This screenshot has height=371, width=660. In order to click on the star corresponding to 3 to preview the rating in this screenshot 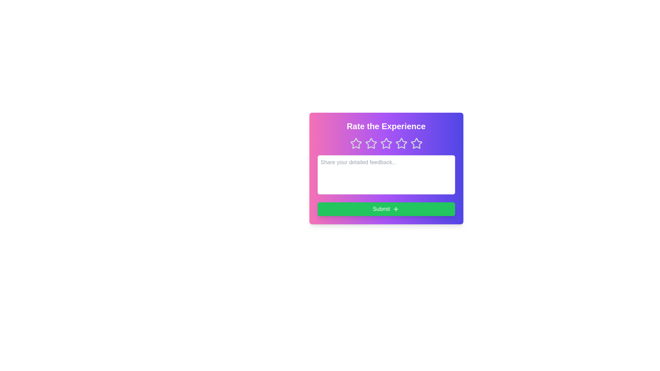, I will do `click(386, 143)`.